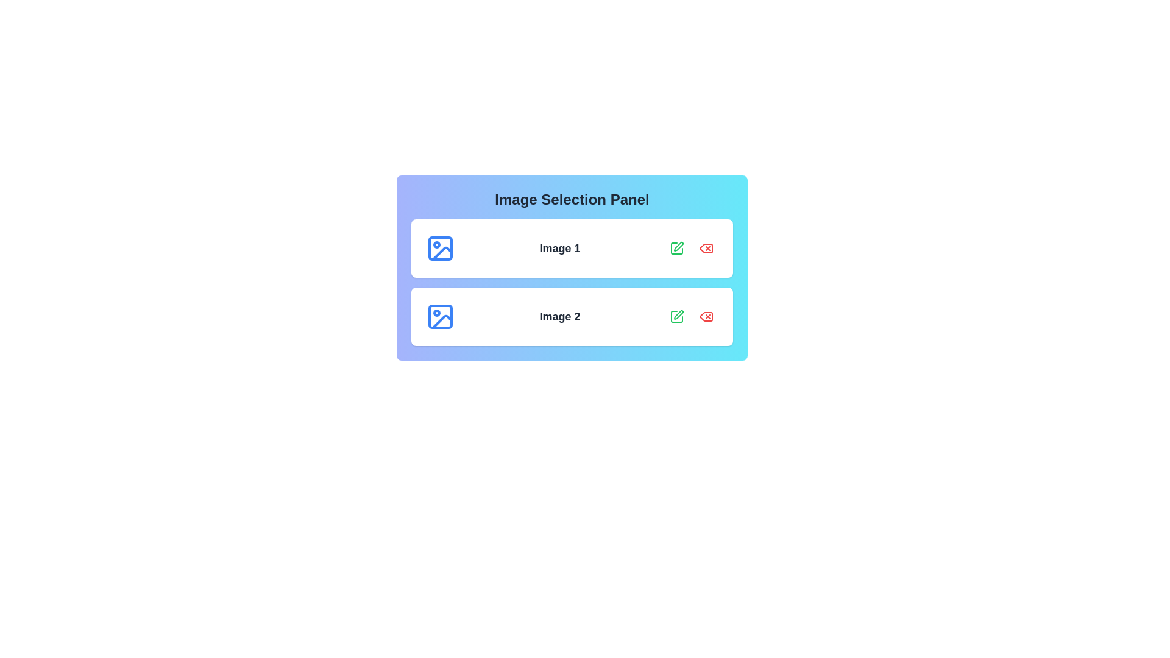  I want to click on the green outline edit icon button resembling a pencil located next to the 'Image 2' label, so click(676, 316).